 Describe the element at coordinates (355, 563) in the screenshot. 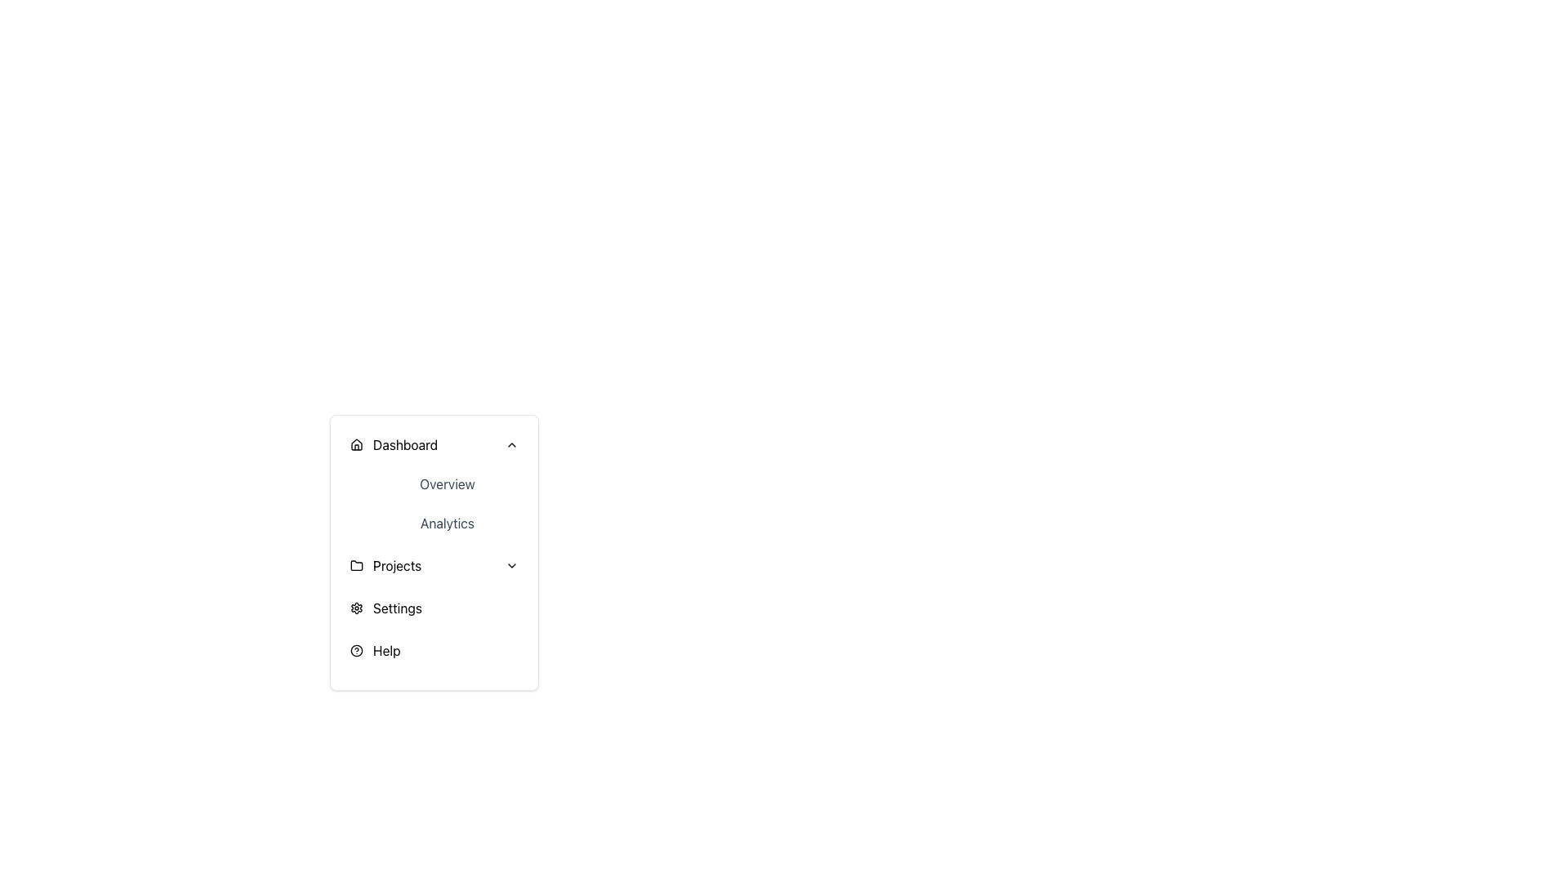

I see `the 'Projects' icon in the vertical navigation menu, which visually represents the navigation option for projects` at that location.